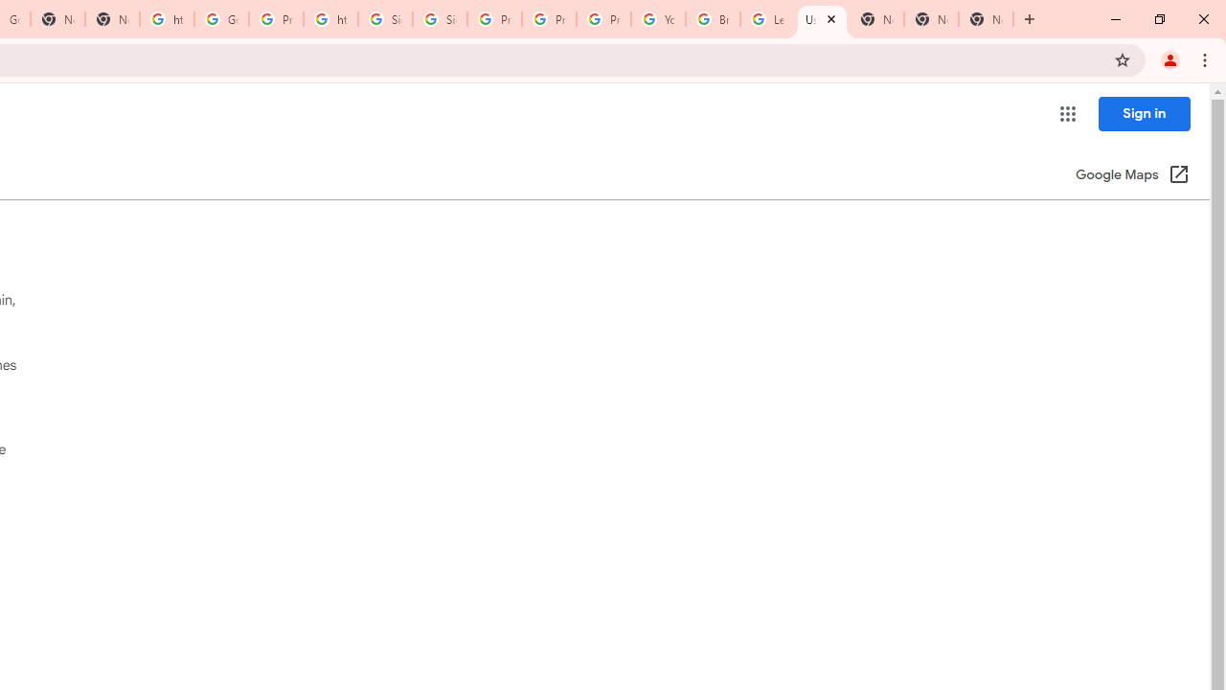 The height and width of the screenshot is (690, 1226). Describe the element at coordinates (167, 19) in the screenshot. I see `'https://scholar.google.com/'` at that location.